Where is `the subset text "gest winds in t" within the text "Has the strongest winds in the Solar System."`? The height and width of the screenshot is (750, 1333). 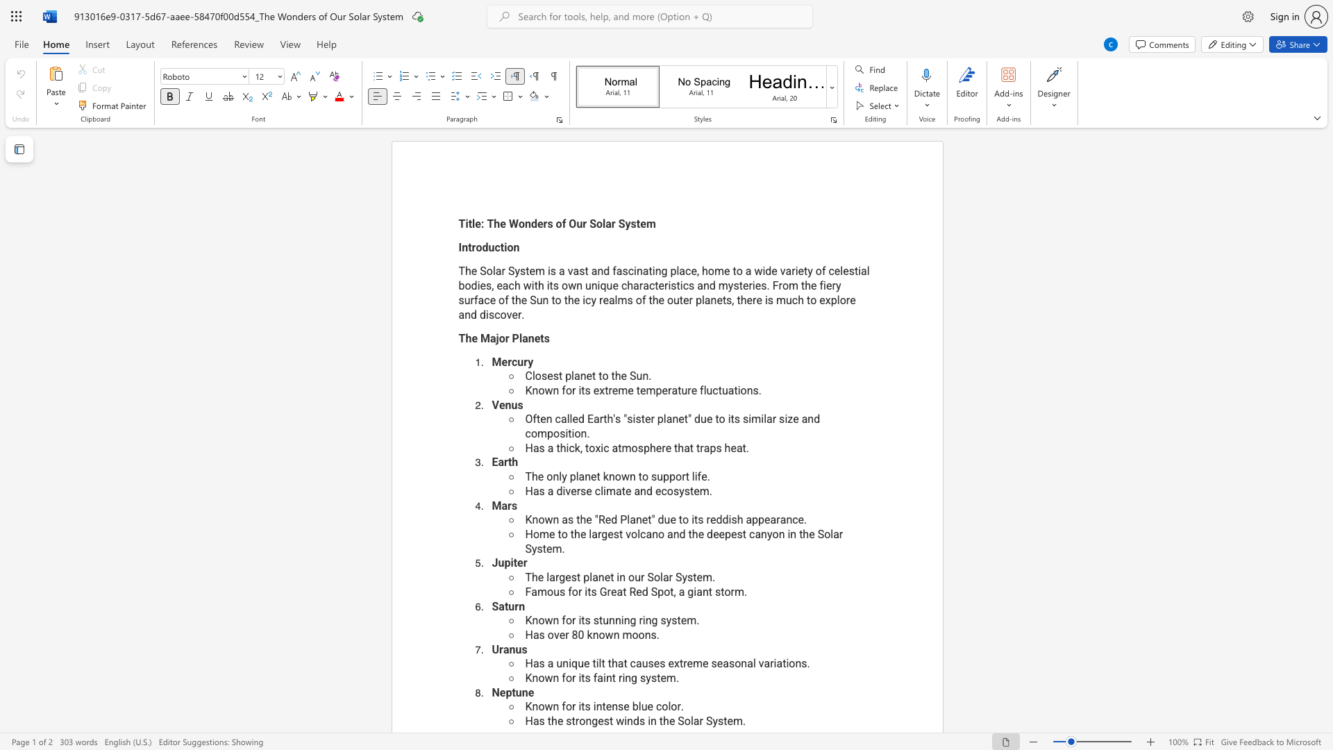
the subset text "gest winds in t" within the text "Has the strongest winds in the Solar System." is located at coordinates (592, 720).